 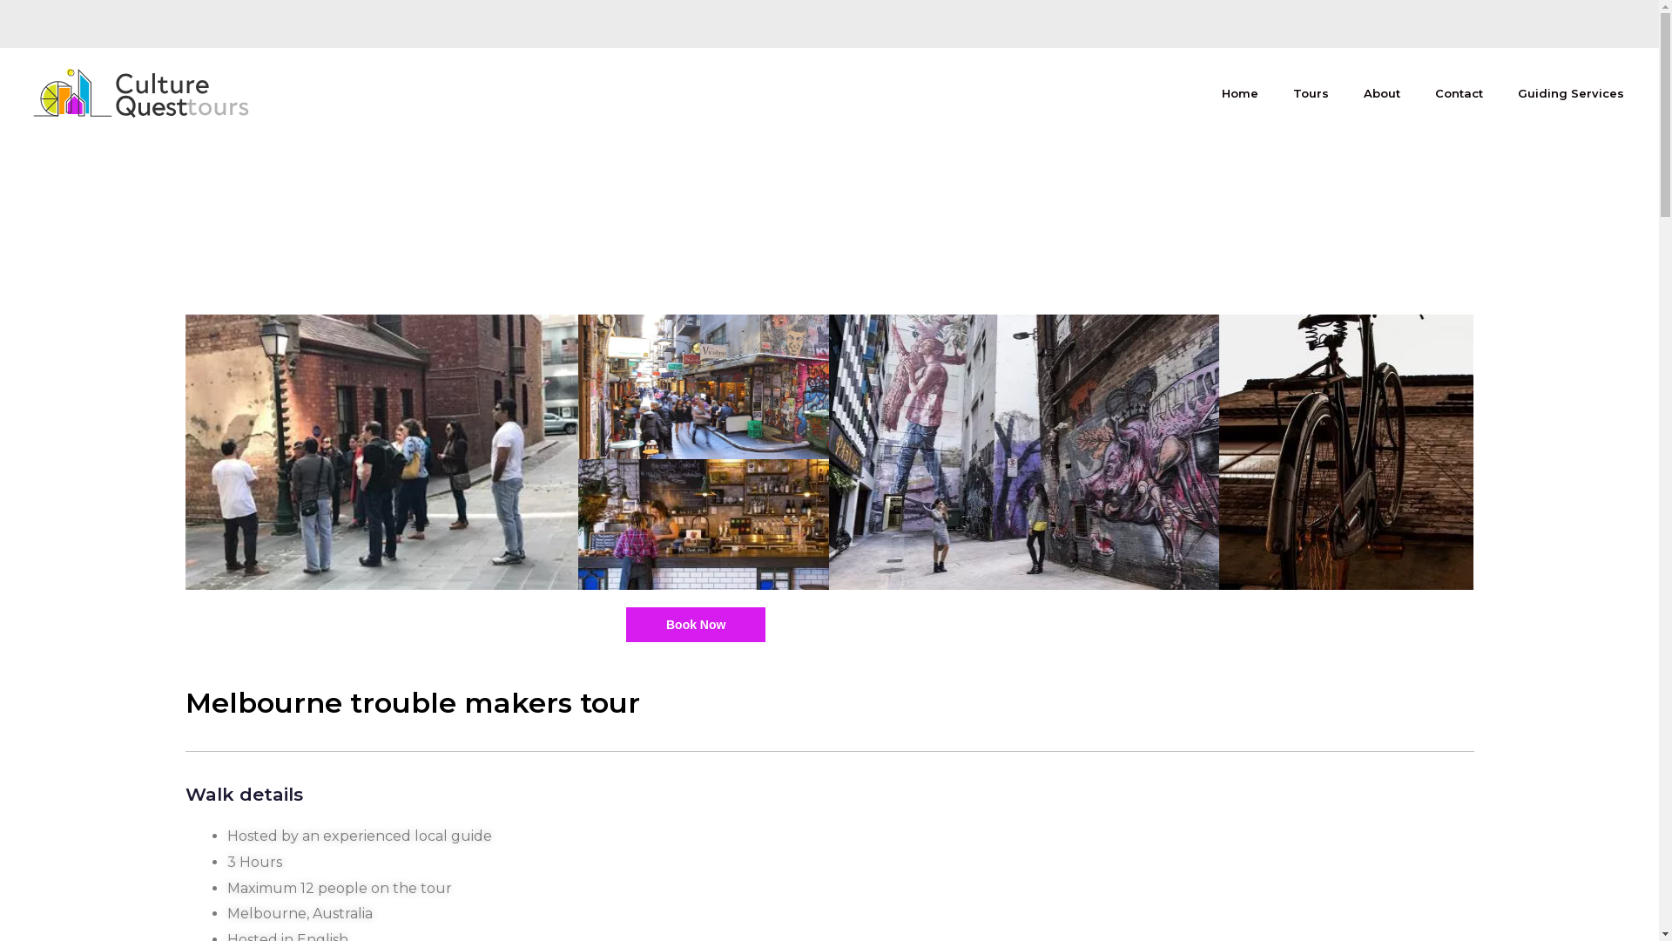 What do you see at coordinates (694, 624) in the screenshot?
I see `'Book Now'` at bounding box center [694, 624].